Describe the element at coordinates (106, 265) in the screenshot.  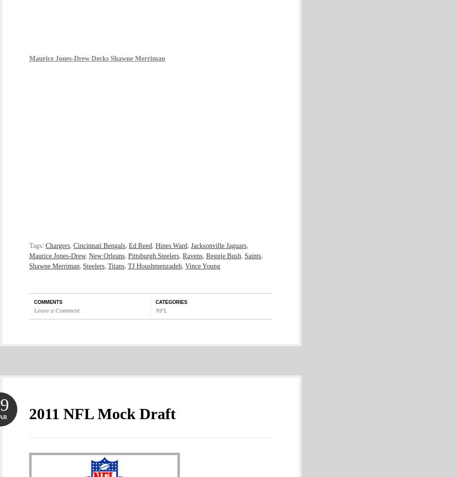
I see `'Titans'` at that location.